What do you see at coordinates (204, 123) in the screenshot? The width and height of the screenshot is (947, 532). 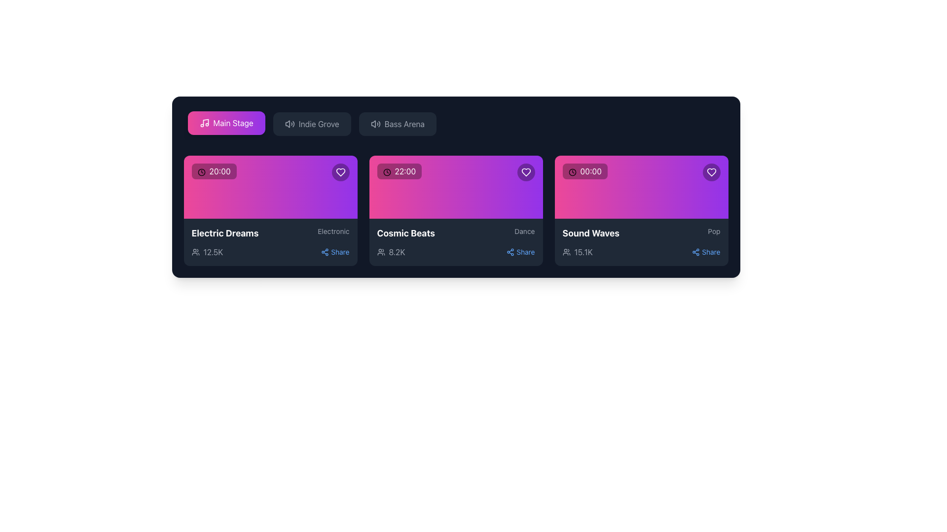 I see `the 'Main Stage' icon located in the top-left portion of the interface to observe any hover effects` at bounding box center [204, 123].